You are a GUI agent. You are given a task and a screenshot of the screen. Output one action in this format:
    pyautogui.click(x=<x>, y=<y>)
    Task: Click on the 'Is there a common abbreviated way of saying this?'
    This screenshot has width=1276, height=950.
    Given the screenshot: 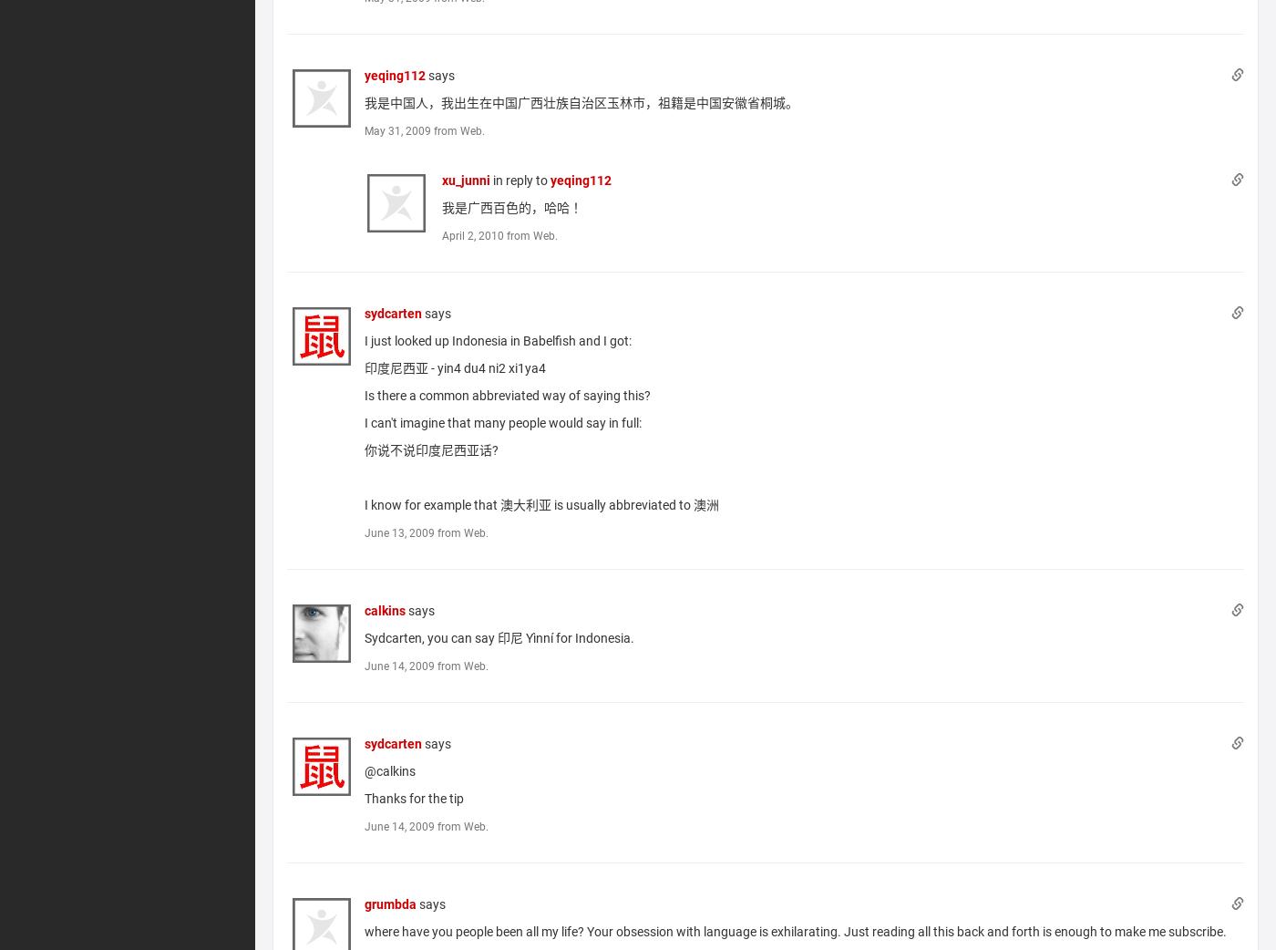 What is the action you would take?
    pyautogui.click(x=508, y=393)
    